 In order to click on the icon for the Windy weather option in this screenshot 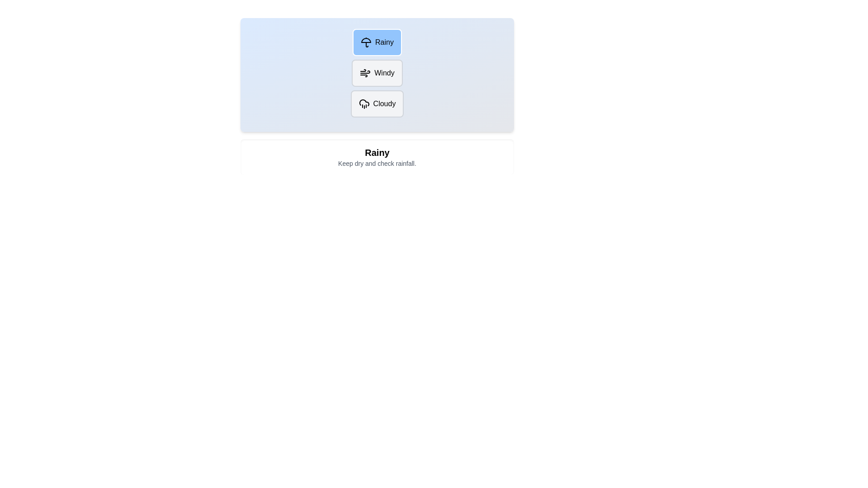, I will do `click(365, 73)`.